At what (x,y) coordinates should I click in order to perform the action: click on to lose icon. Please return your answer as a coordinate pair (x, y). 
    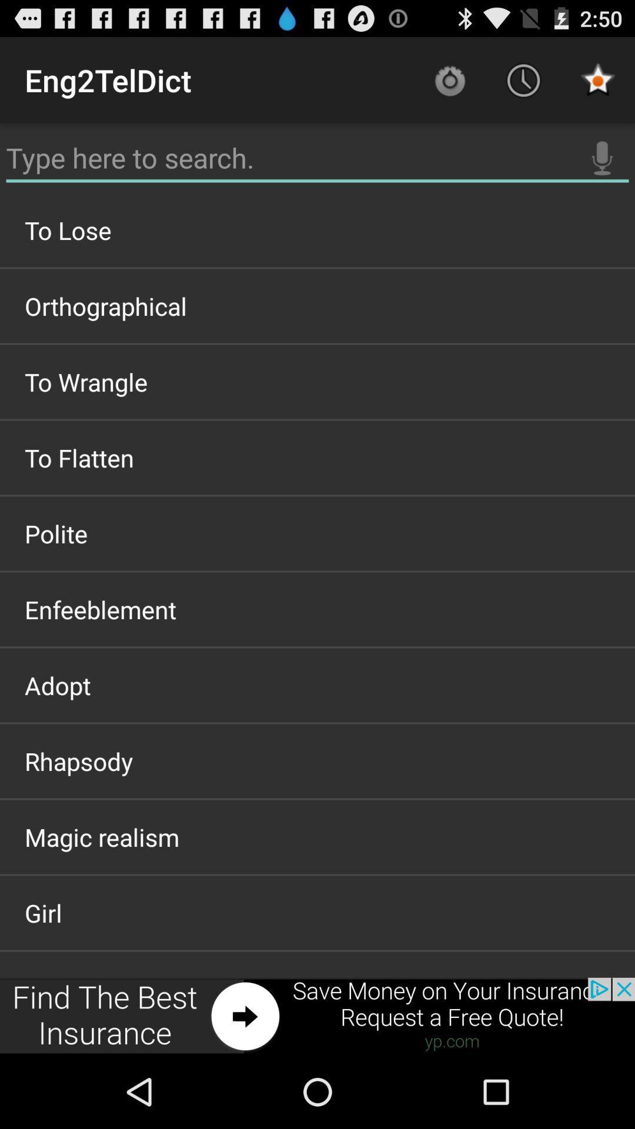
    Looking at the image, I should click on (317, 230).